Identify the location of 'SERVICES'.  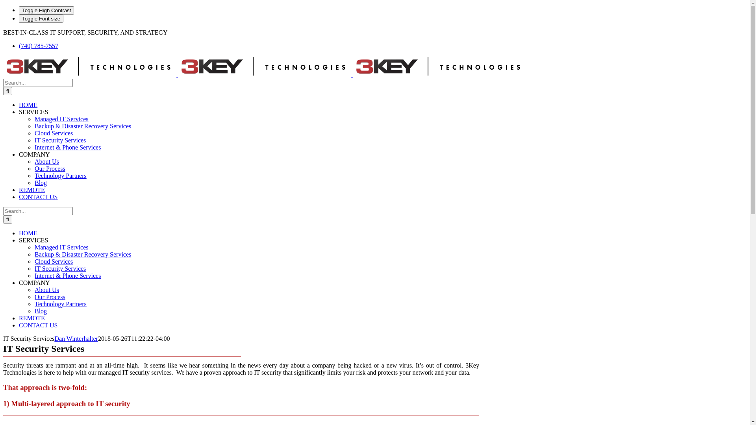
(33, 112).